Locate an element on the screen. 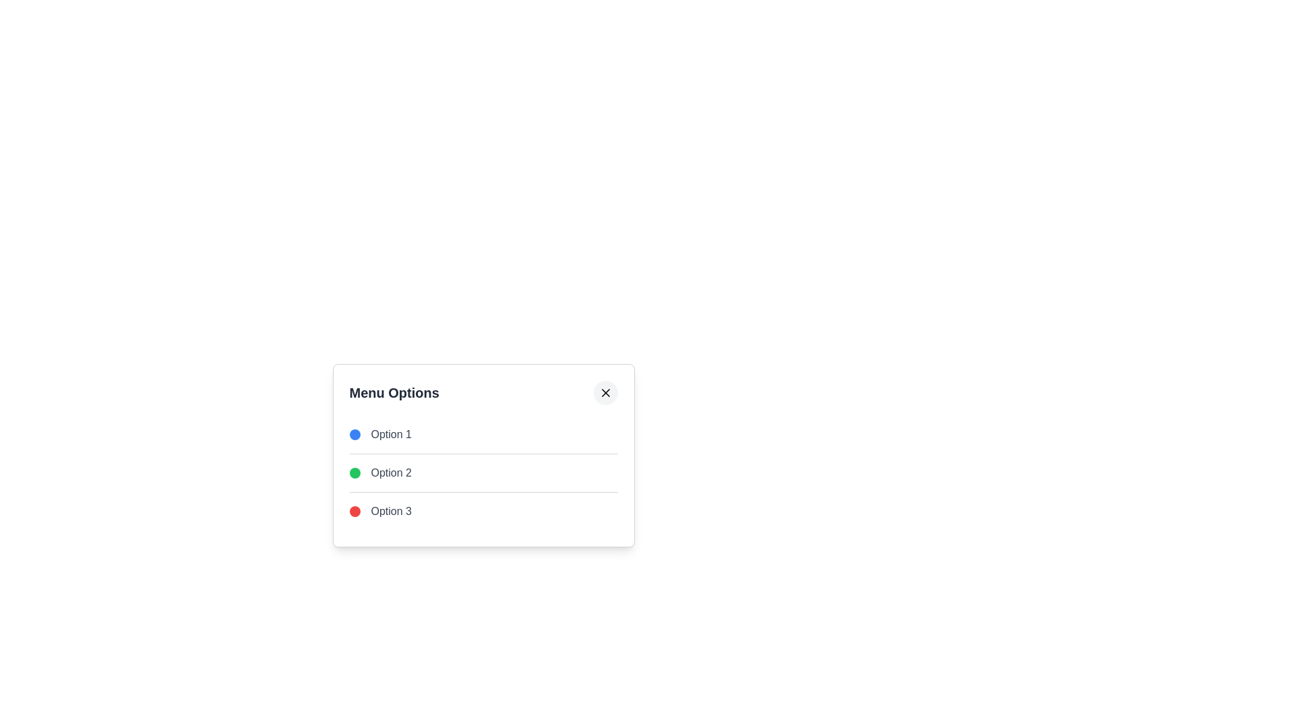  the small circular icon with a red background, which is aligned to the left of the text 'Option 3' in the vertical list of options is located at coordinates (355, 512).